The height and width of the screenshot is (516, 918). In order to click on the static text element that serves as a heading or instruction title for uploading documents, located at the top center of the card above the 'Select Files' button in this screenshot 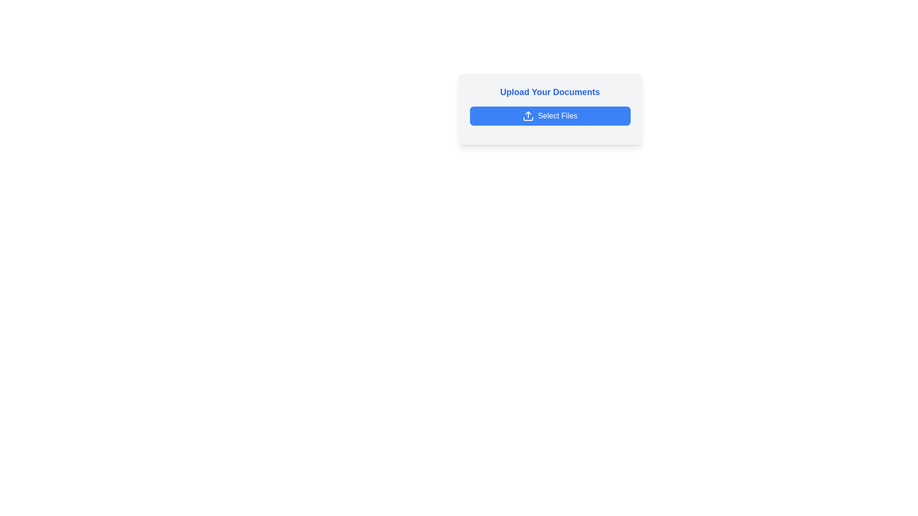, I will do `click(550, 92)`.